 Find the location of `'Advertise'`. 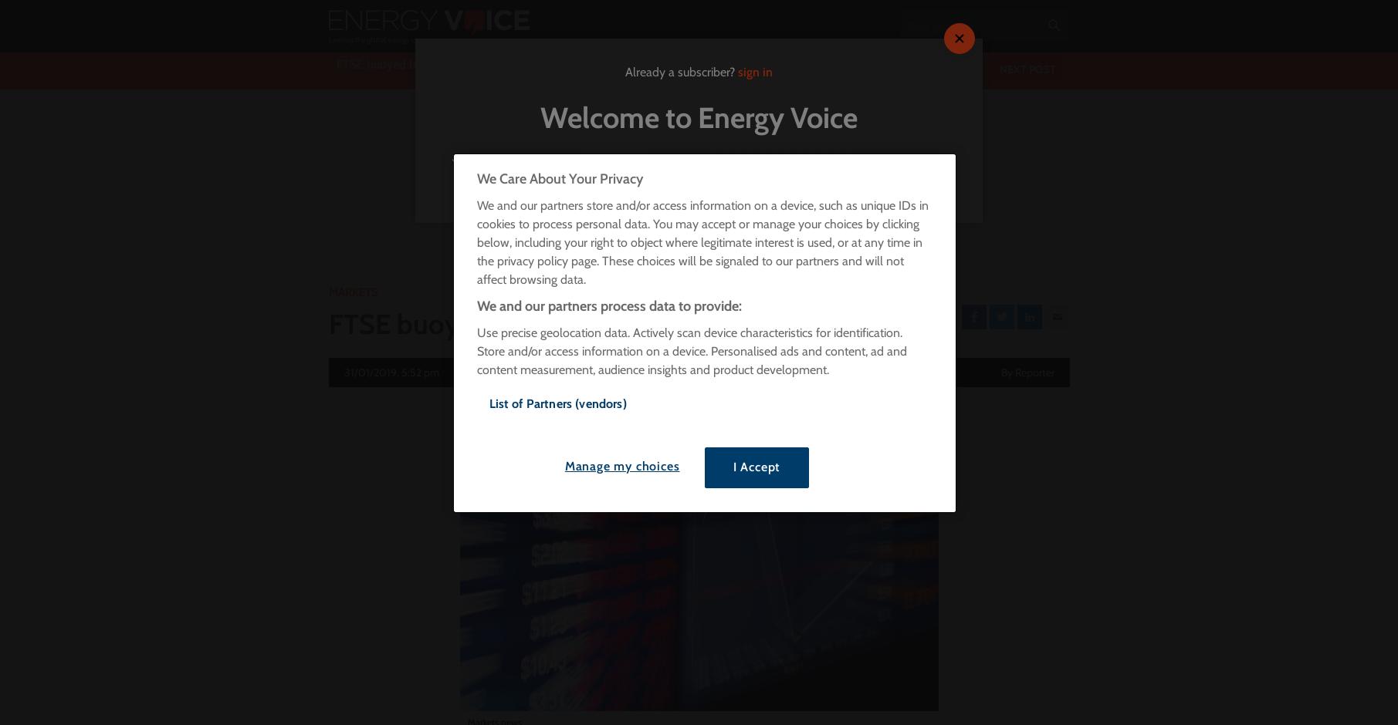

'Advertise' is located at coordinates (410, 11).